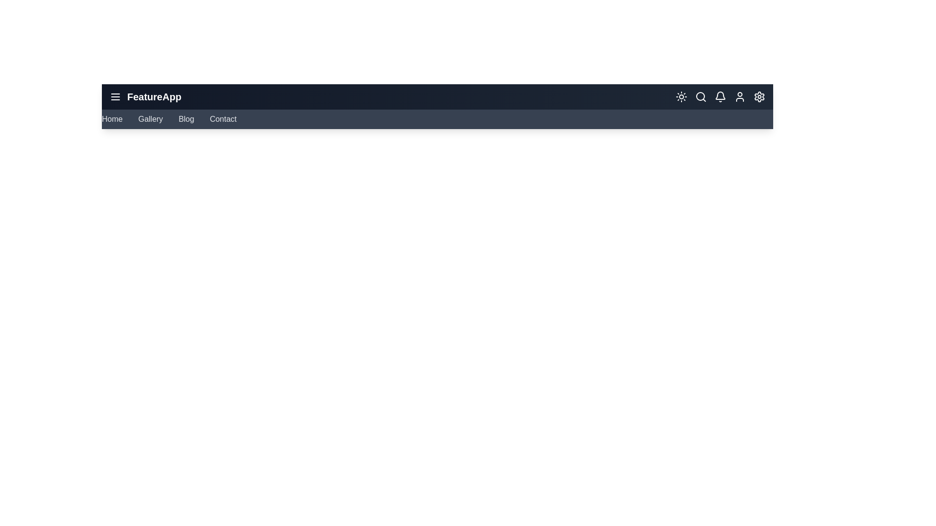  I want to click on the navigation menu item Contact, so click(222, 119).